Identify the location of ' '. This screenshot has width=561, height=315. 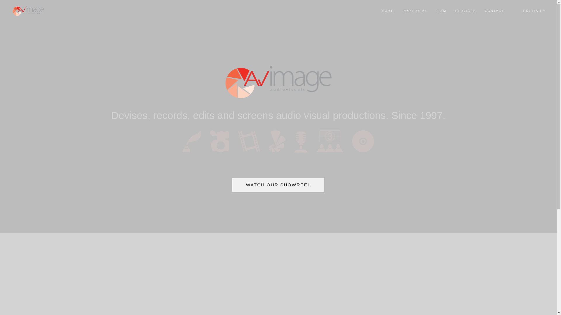
(512, 11).